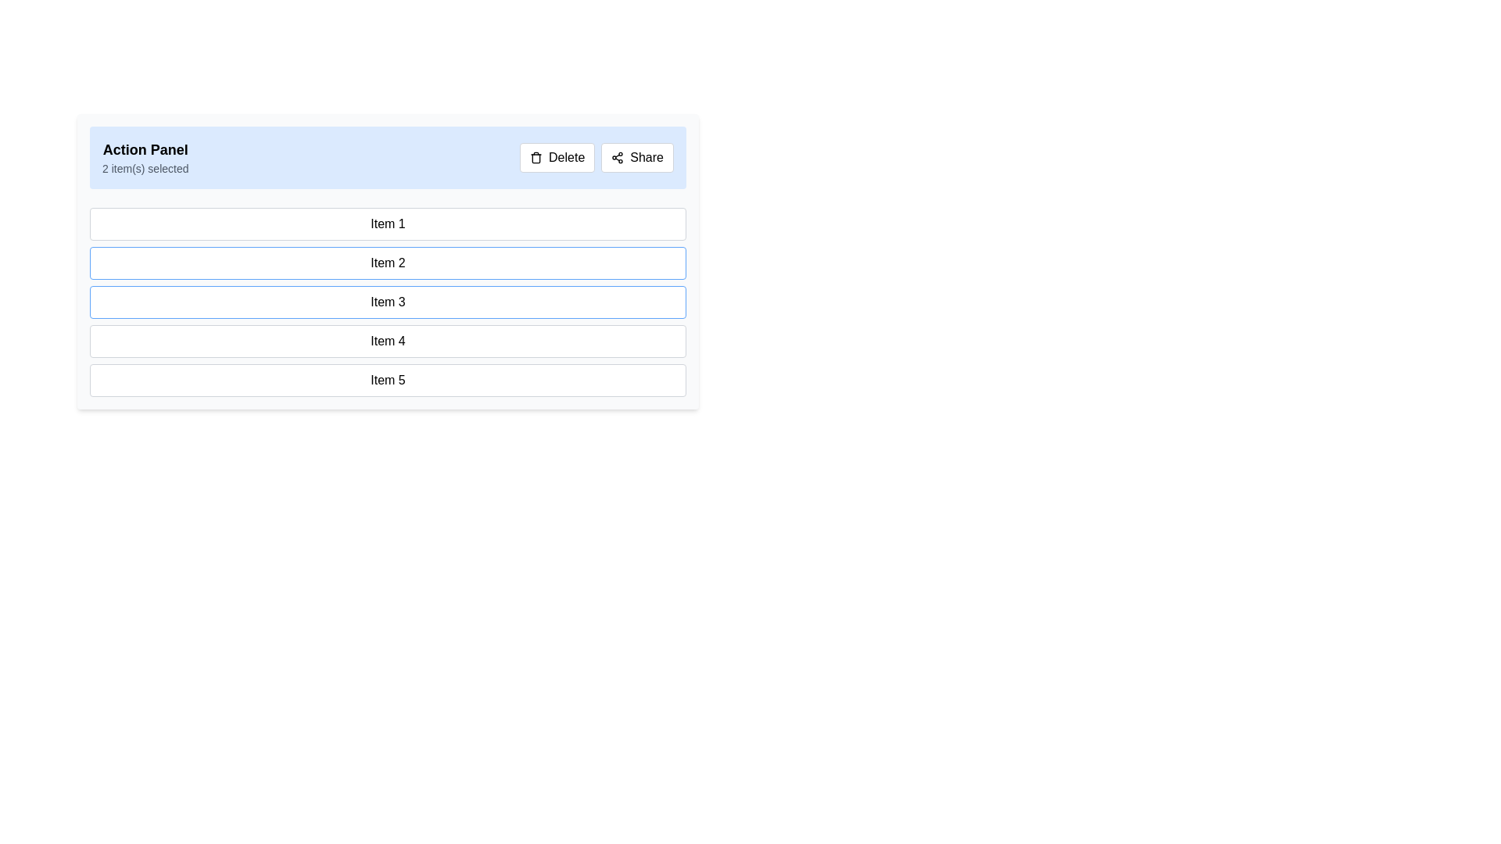 The width and height of the screenshot is (1501, 844). What do you see at coordinates (617, 157) in the screenshot?
I see `the Share icon located in the upper-right section of the interface, which is part of the button group immediately to the right of the Delete button` at bounding box center [617, 157].